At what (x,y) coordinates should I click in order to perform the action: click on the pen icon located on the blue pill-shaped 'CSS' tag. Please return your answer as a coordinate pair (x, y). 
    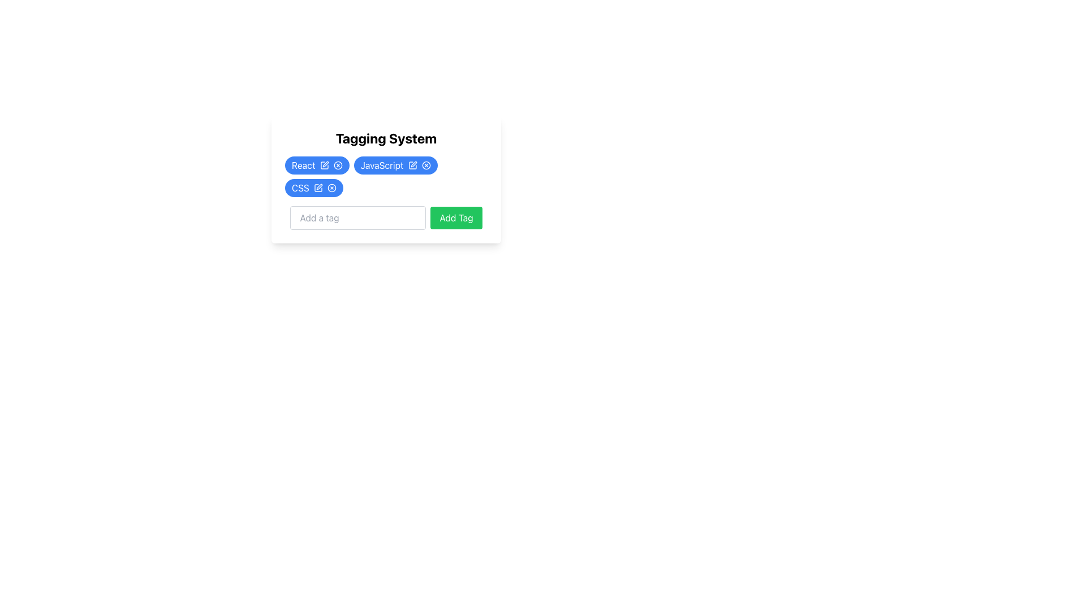
    Looking at the image, I should click on (314, 187).